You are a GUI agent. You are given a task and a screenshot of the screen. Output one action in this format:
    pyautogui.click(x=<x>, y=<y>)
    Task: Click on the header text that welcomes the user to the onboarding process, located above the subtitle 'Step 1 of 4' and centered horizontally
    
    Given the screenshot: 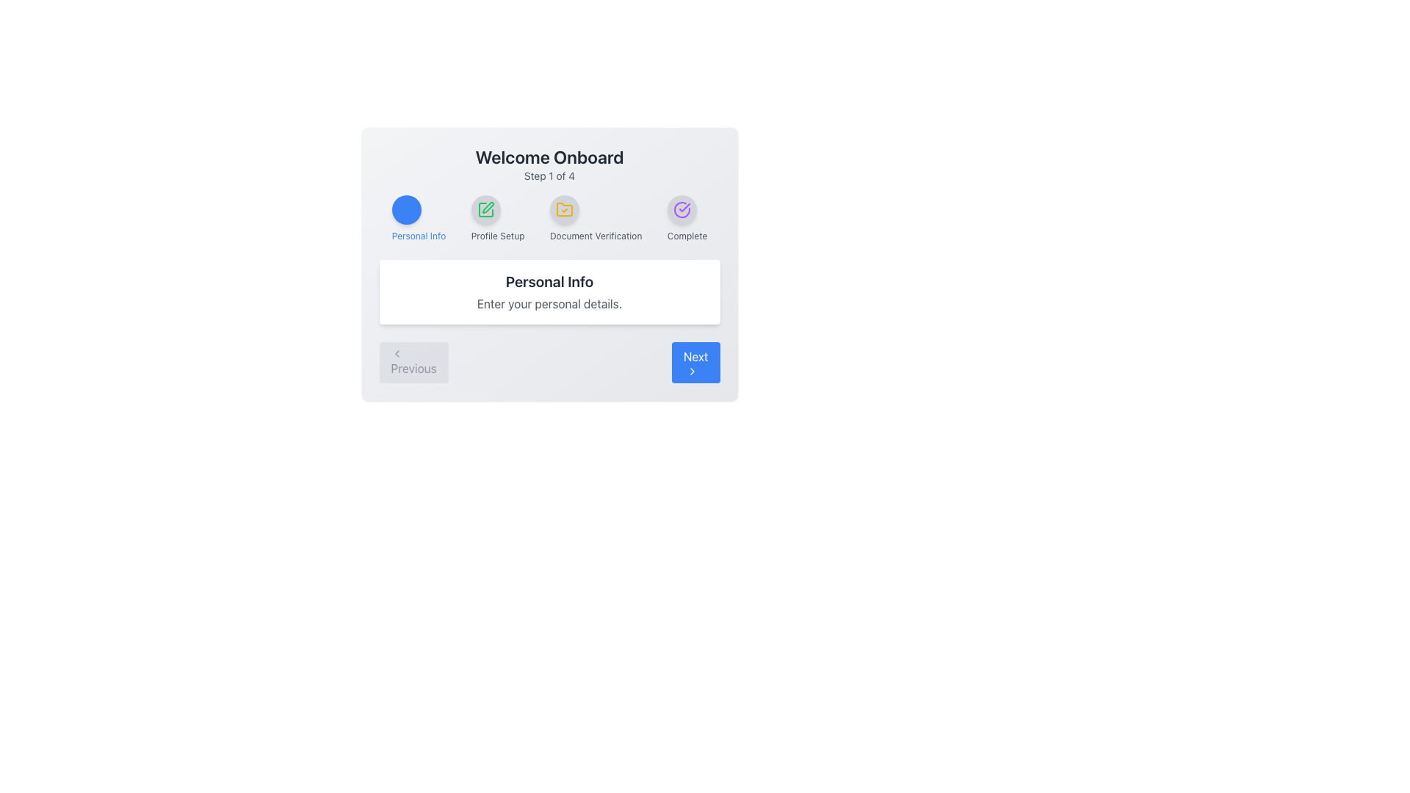 What is the action you would take?
    pyautogui.click(x=549, y=156)
    